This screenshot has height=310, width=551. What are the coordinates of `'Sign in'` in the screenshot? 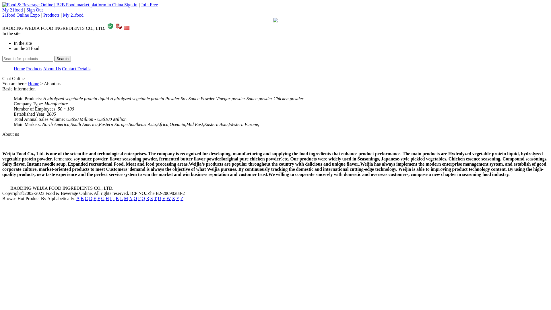 It's located at (124, 5).